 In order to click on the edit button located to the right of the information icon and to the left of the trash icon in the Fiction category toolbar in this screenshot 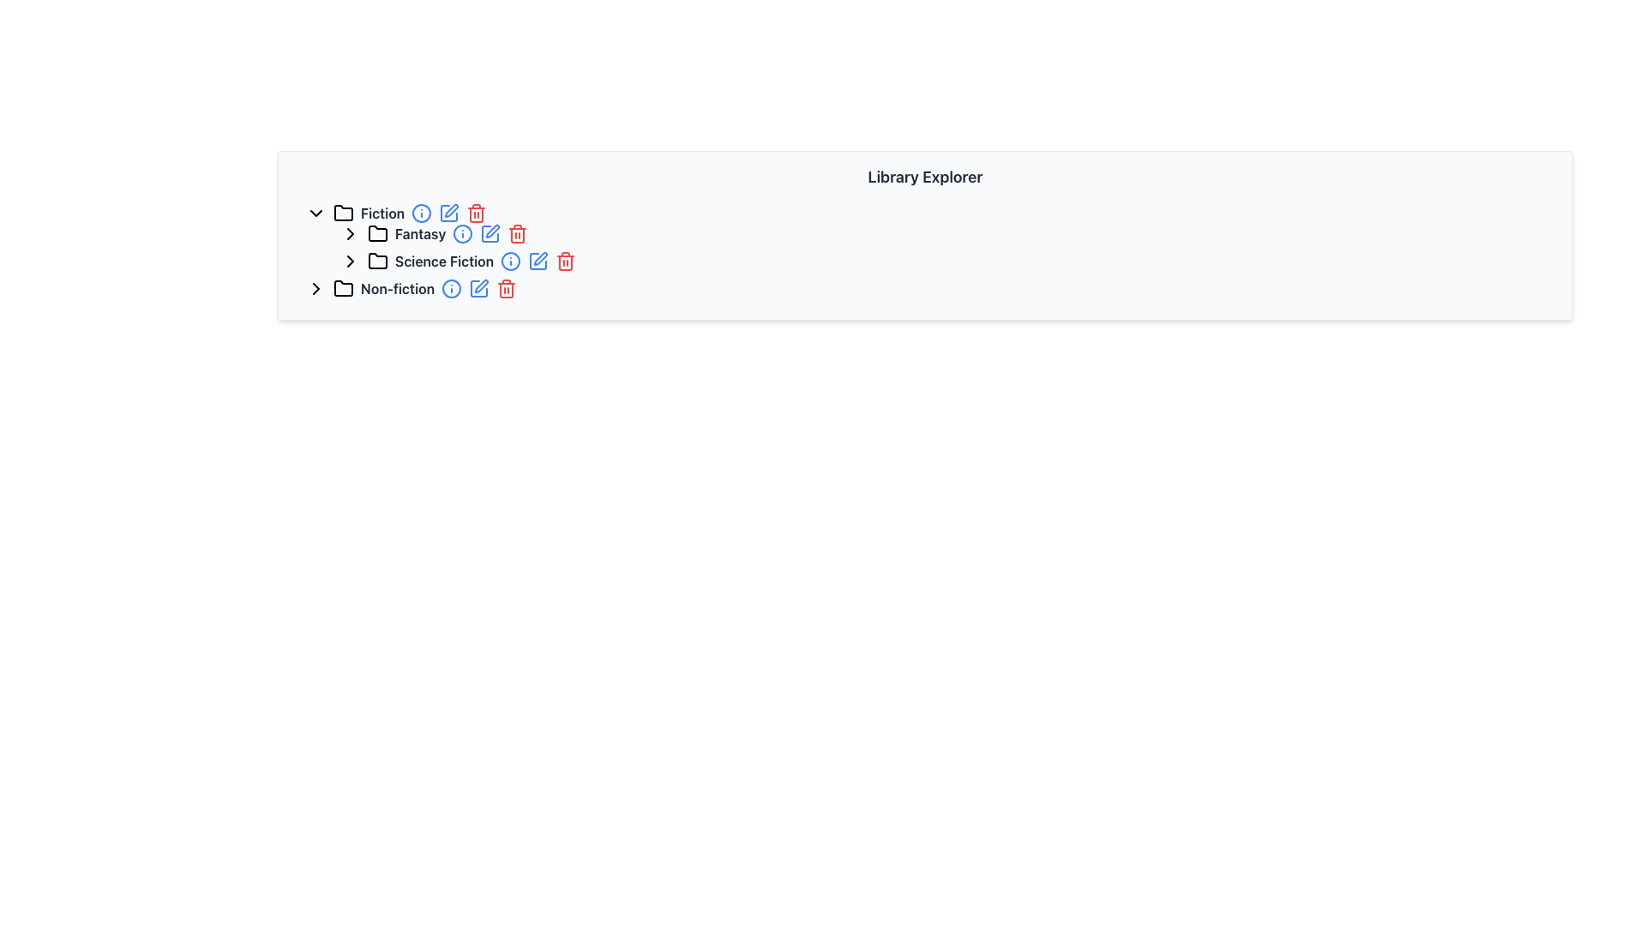, I will do `click(449, 213)`.